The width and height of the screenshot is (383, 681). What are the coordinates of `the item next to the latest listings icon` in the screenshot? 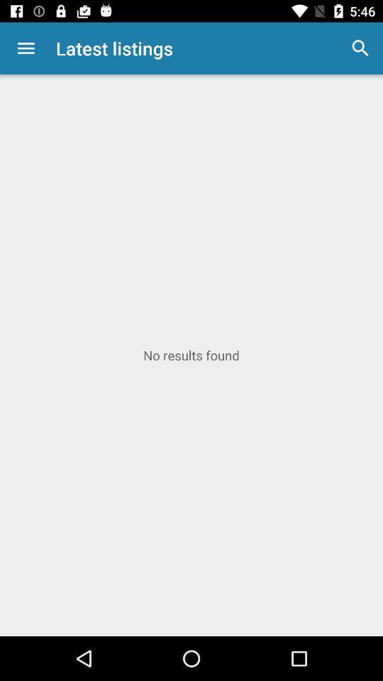 It's located at (26, 48).